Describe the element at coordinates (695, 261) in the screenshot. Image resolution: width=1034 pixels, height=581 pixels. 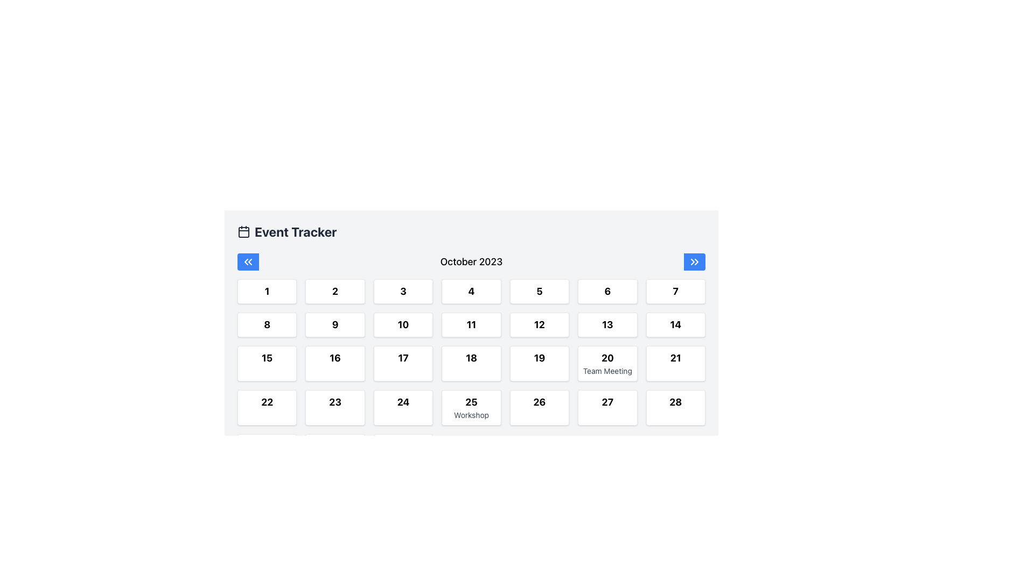
I see `the blue rectangular button with rounded right corners and a dual-chevron icon` at that location.